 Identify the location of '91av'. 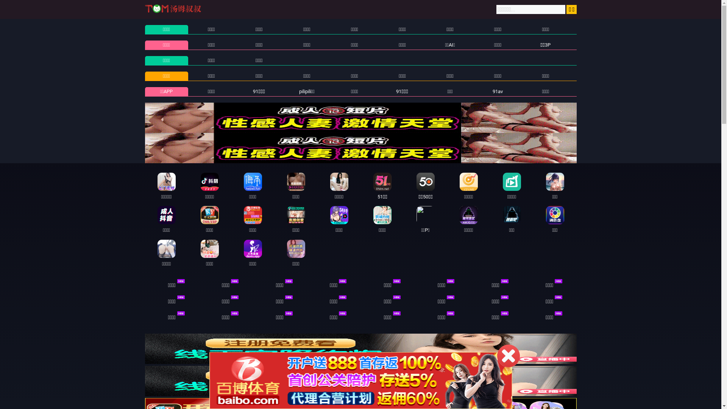
(498, 91).